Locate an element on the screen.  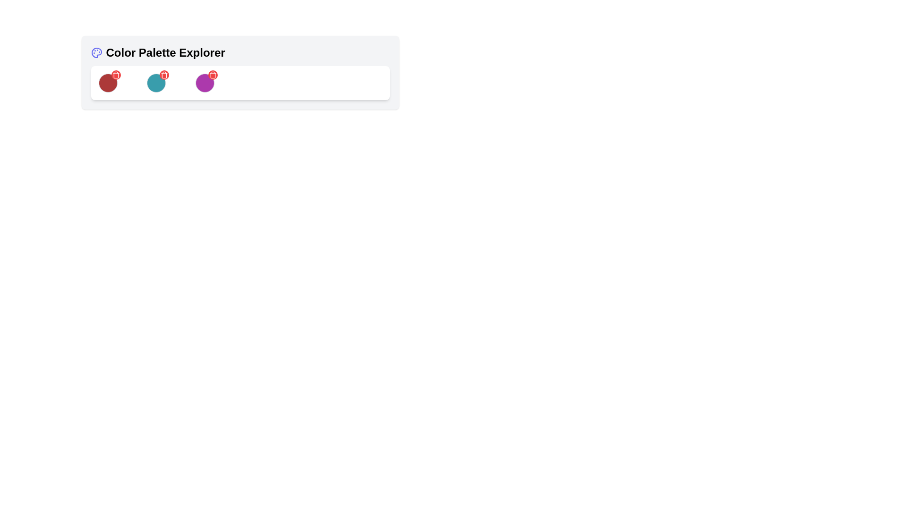
the painter's palette icon, which is styled with a purple-blue hue and located to the left of the 'Color Palette Explorer' text is located at coordinates (96, 52).